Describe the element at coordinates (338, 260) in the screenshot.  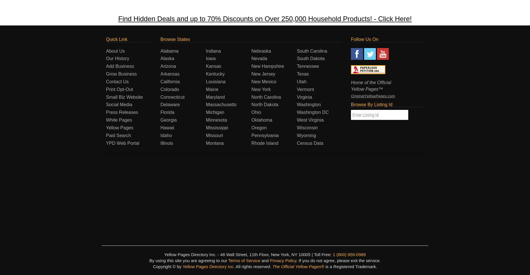
I see `'. If you do not agree, please  exit the service.'` at that location.